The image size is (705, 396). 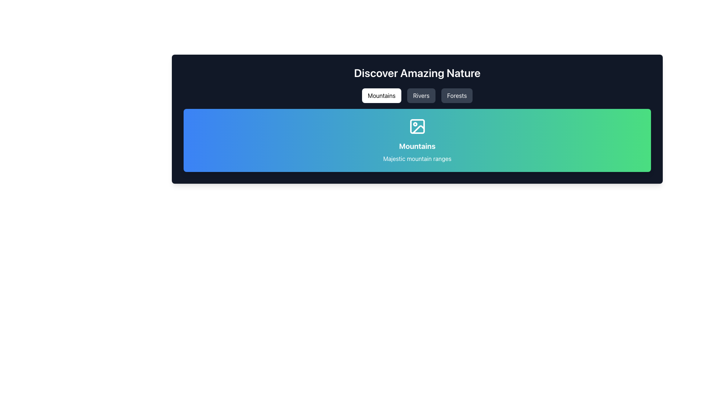 I want to click on the descriptive subtitle 'Majestic mountain ranges' located at the bottom of the 'Mountains' card element, so click(x=417, y=158).